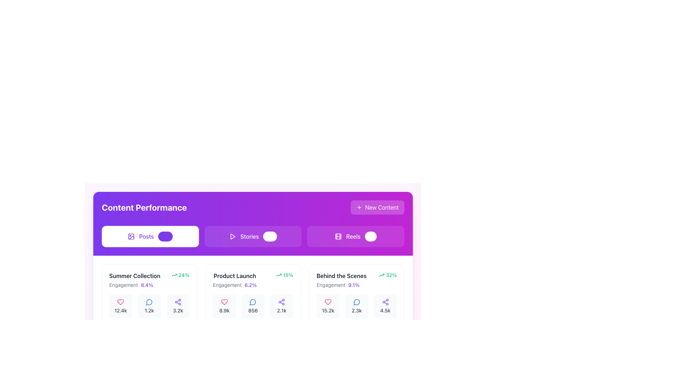 The width and height of the screenshot is (681, 383). I want to click on the Text label indicating the meaning of the associated numeric data '6.2%' under the 'Content Performance' section, which is located on the left-hand side of the text '6.2%', so click(227, 284).